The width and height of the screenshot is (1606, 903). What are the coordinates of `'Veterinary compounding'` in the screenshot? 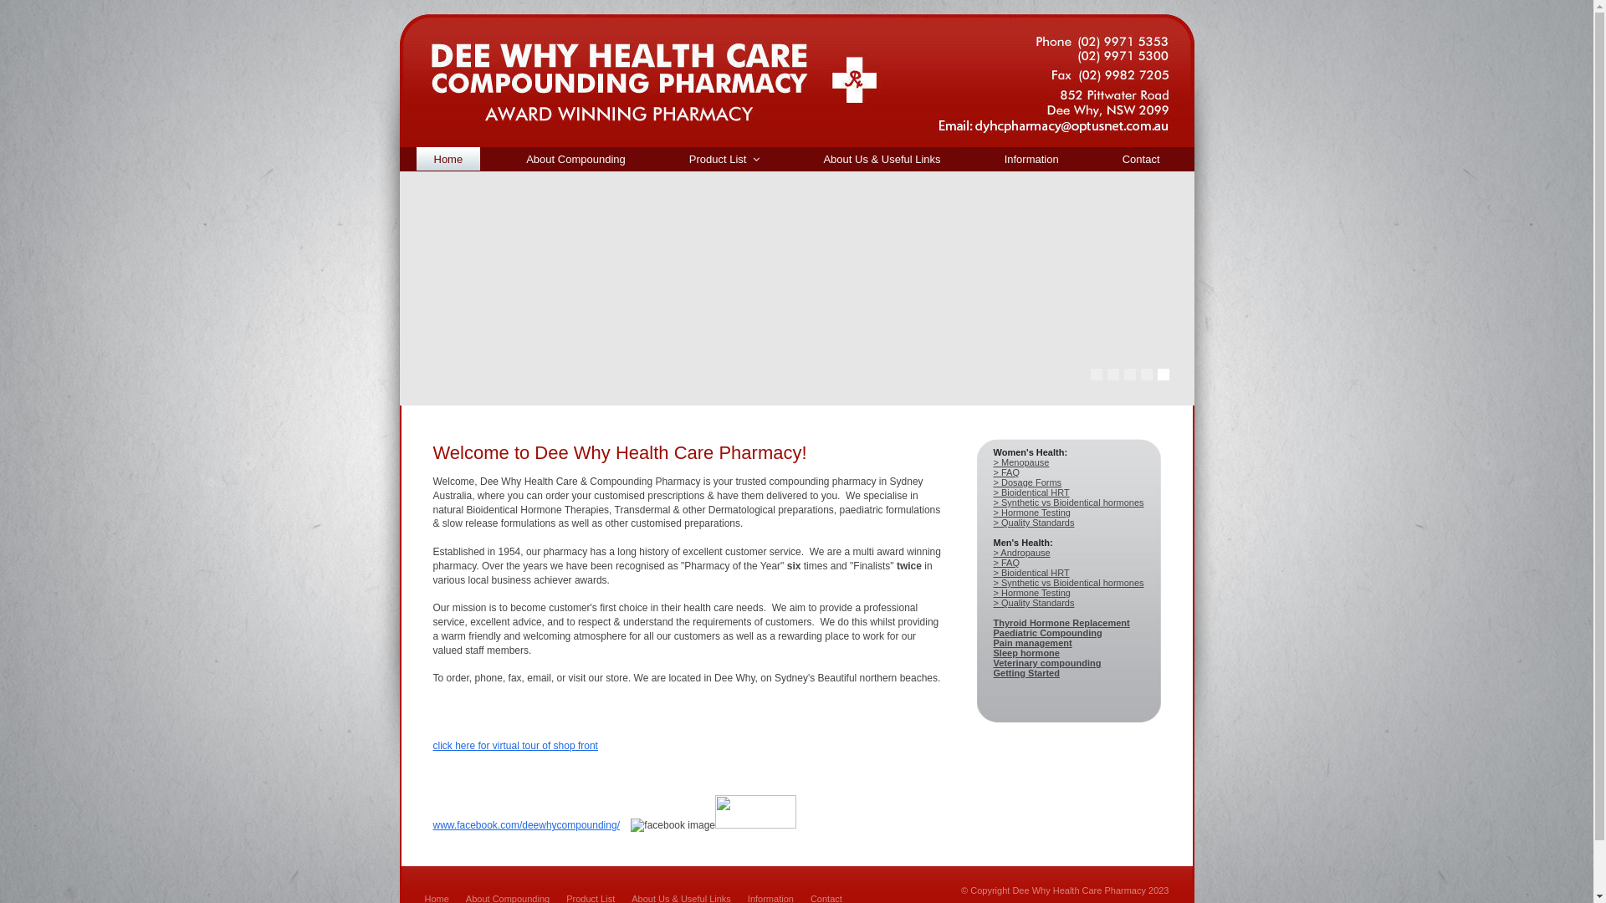 It's located at (1046, 662).